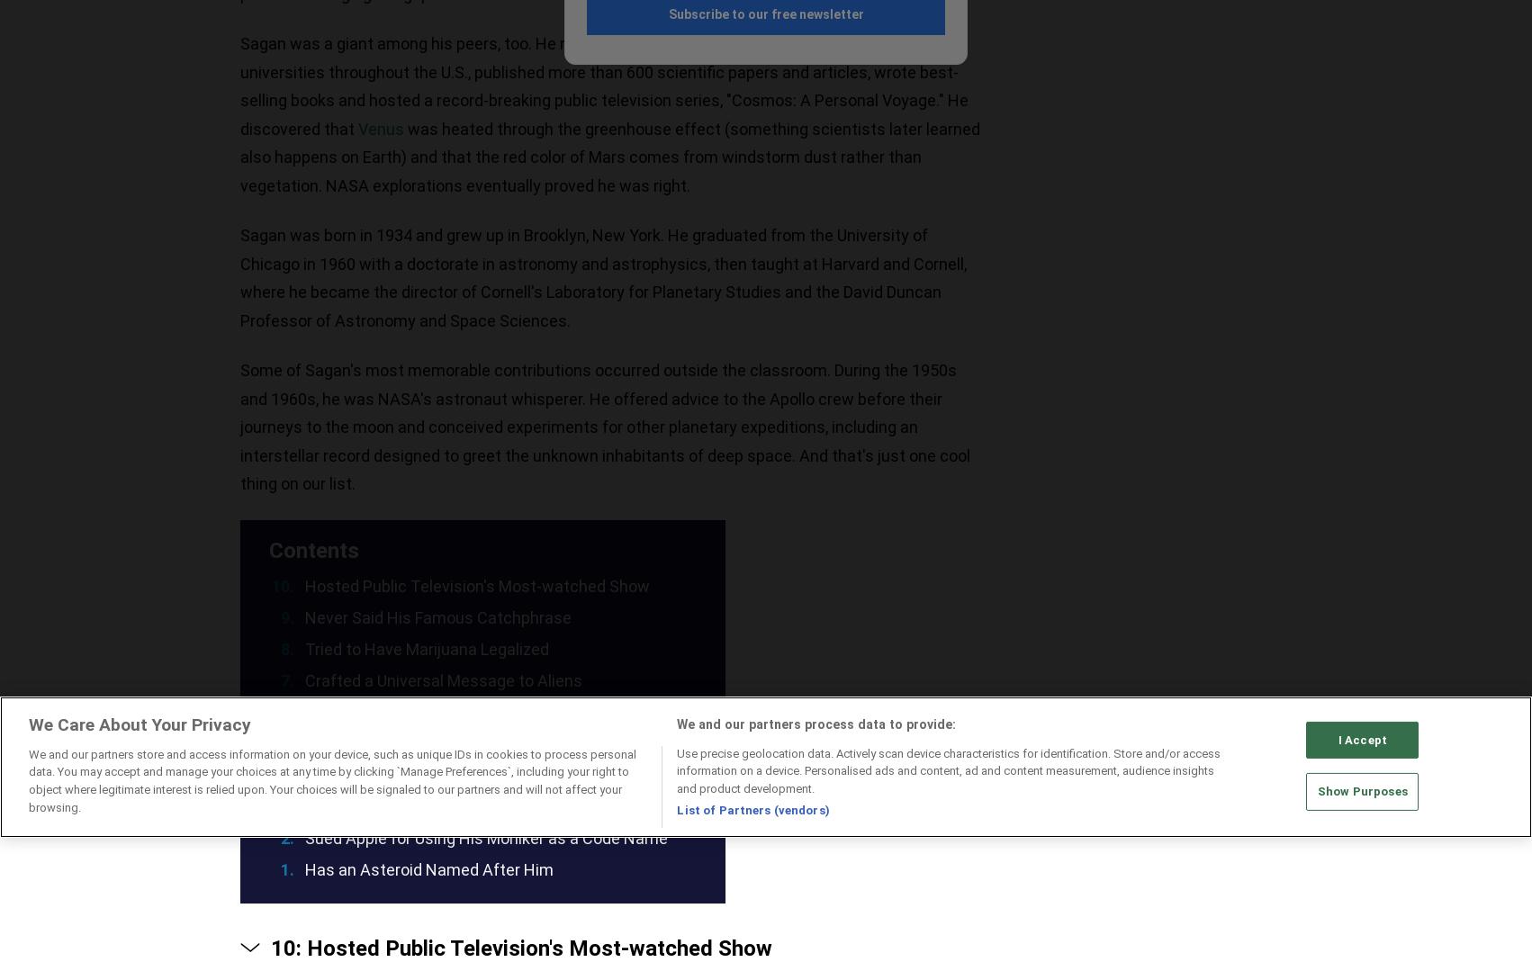  I want to click on 'Hosted Public Television's Most-watched Show', so click(476, 584).